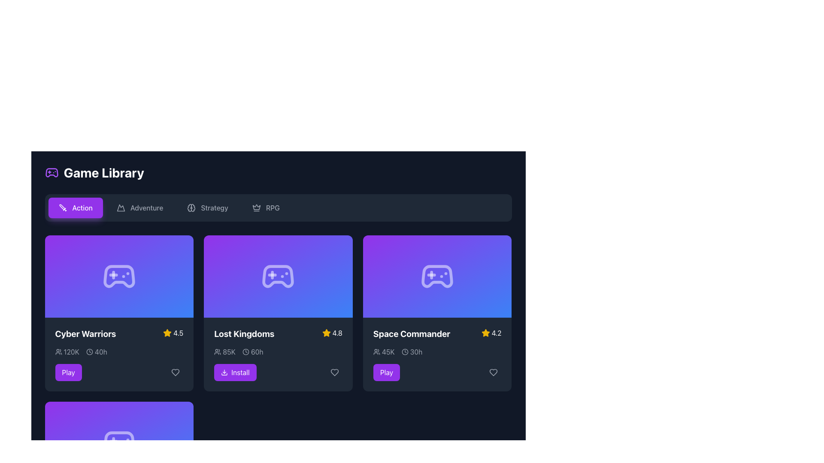 This screenshot has height=463, width=824. Describe the element at coordinates (416, 352) in the screenshot. I see `the text label indicating the estimated or logged time duration for the game 'Space Commander', which is located above the purple 'Play' button and adjacent to the clock icon` at that location.